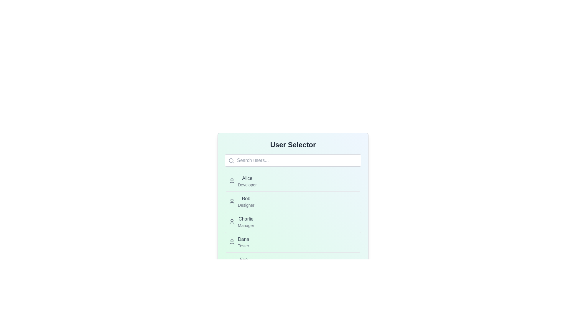  Describe the element at coordinates (246, 201) in the screenshot. I see `text displayed for the user profile in the second item of the user selection list, which identifies the user by their name and role` at that location.